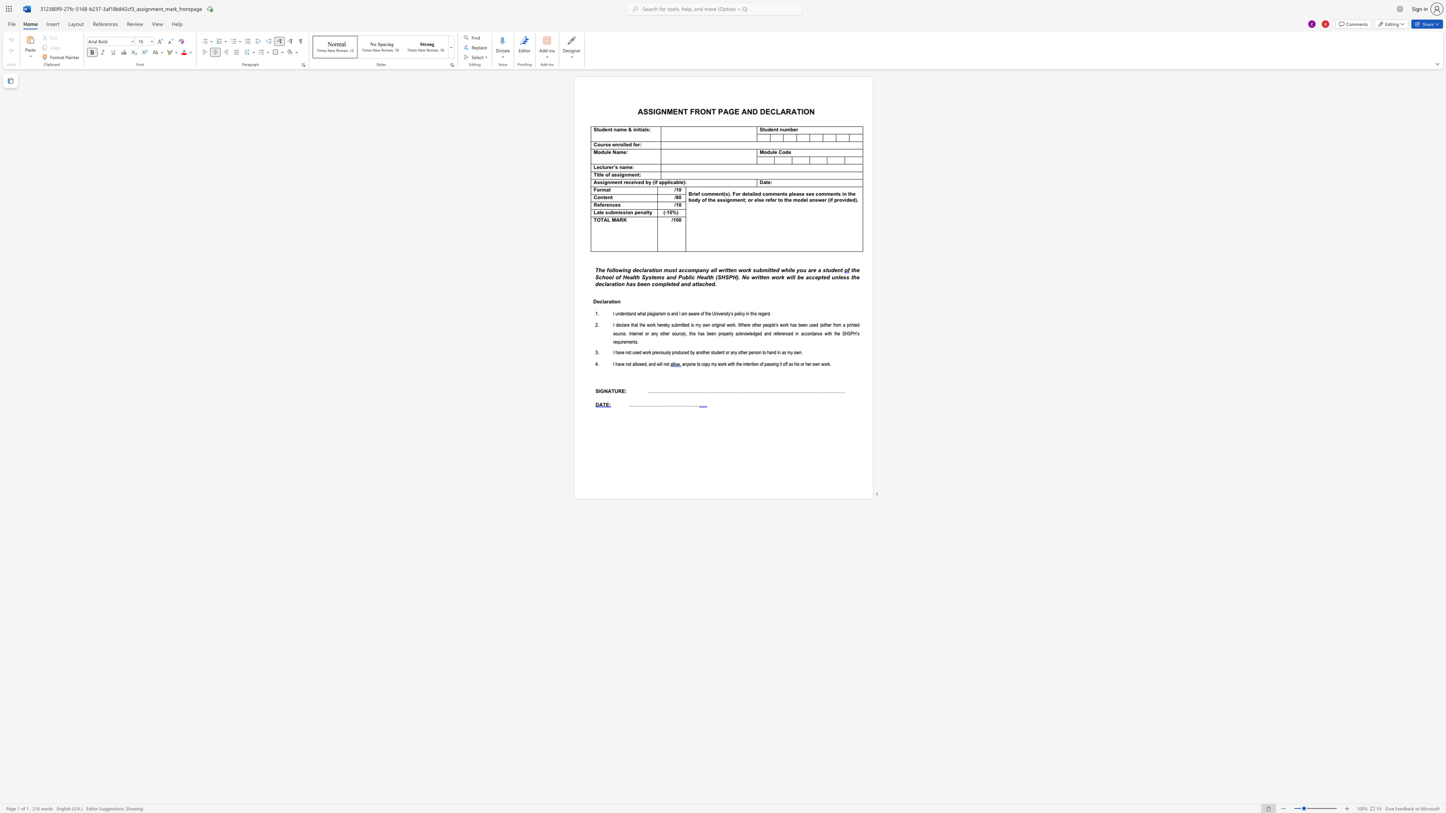  I want to click on the space between the continuous character "d" and "e" in the text, so click(604, 129).